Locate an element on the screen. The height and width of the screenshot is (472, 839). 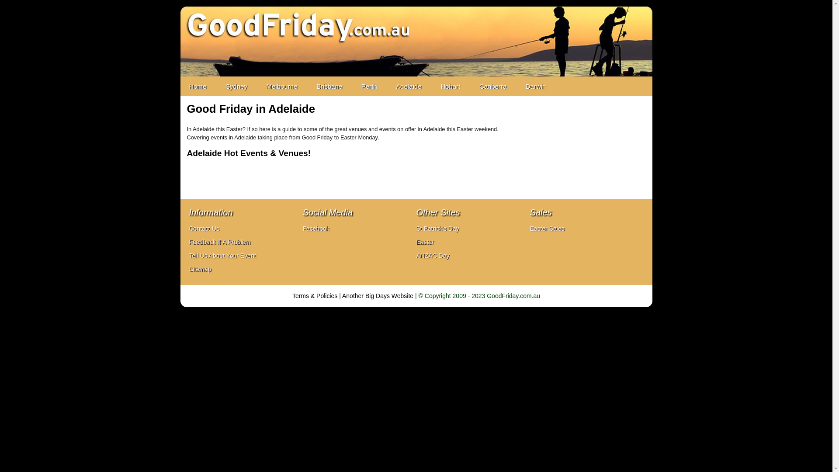
'Facebook' is located at coordinates (315, 228).